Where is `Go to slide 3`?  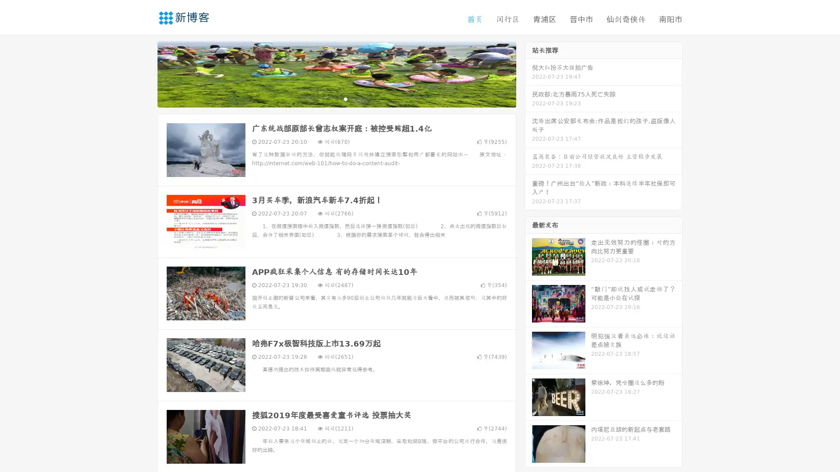
Go to slide 3 is located at coordinates (345, 98).